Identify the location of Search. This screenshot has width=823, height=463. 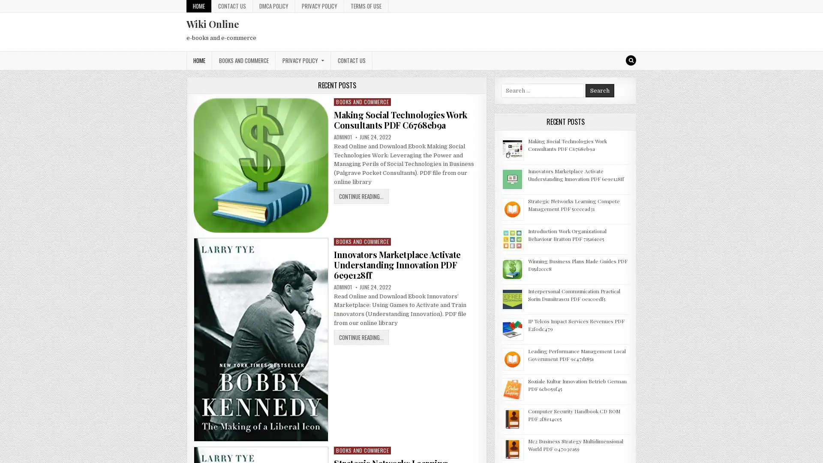
(599, 90).